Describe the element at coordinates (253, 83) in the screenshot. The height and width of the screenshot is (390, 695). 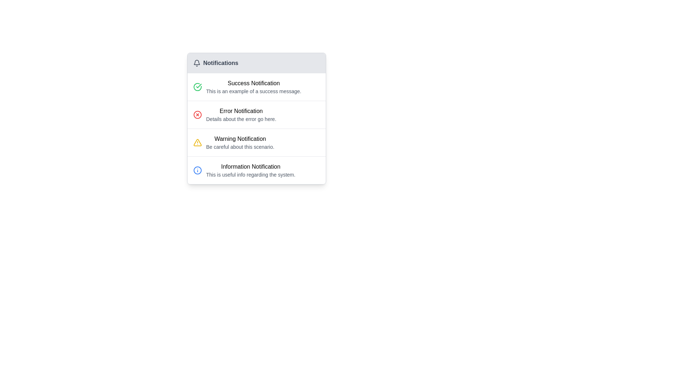
I see `the 'Success Notification' text label which is the title of the first notification in the notification card` at that location.